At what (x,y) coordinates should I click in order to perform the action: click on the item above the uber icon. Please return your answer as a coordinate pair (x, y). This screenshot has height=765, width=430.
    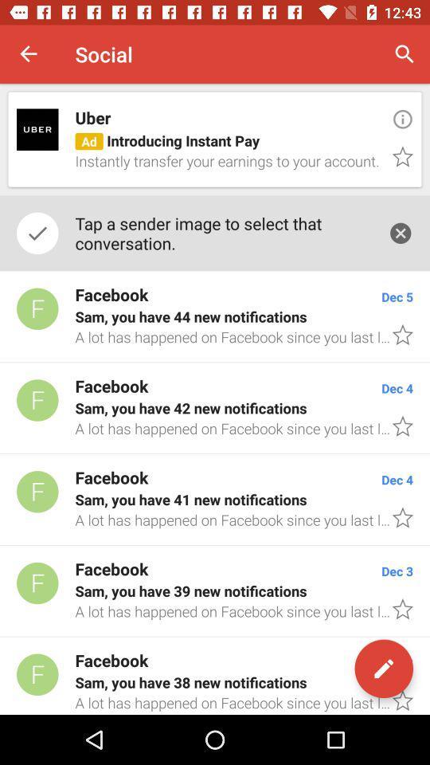
    Looking at the image, I should click on (405, 54).